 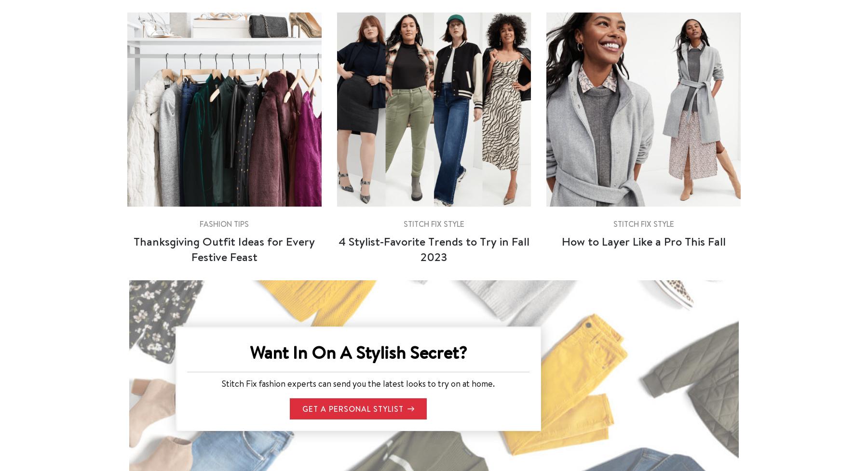 What do you see at coordinates (223, 222) in the screenshot?
I see `'Fashion Tips'` at bounding box center [223, 222].